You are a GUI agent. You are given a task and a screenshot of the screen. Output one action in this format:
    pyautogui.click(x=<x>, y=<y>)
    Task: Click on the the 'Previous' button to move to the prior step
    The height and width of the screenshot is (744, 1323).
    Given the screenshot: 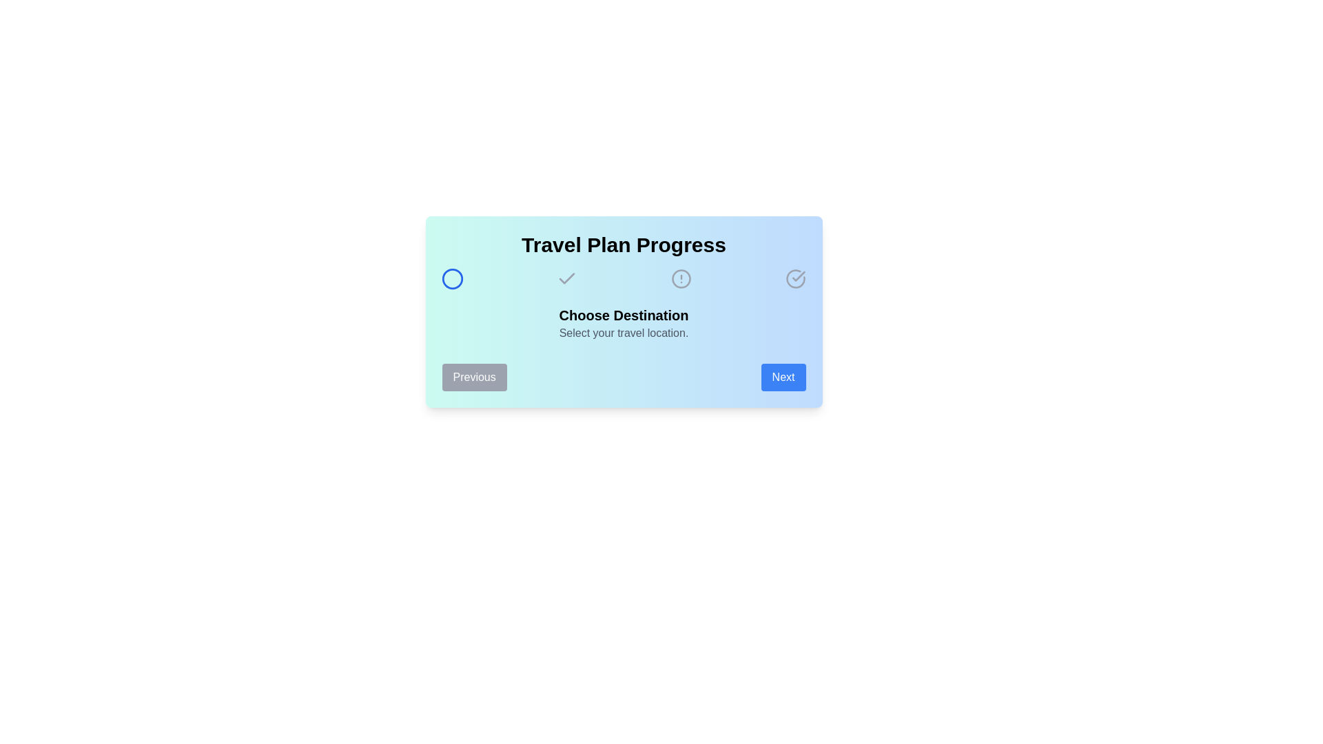 What is the action you would take?
    pyautogui.click(x=474, y=377)
    